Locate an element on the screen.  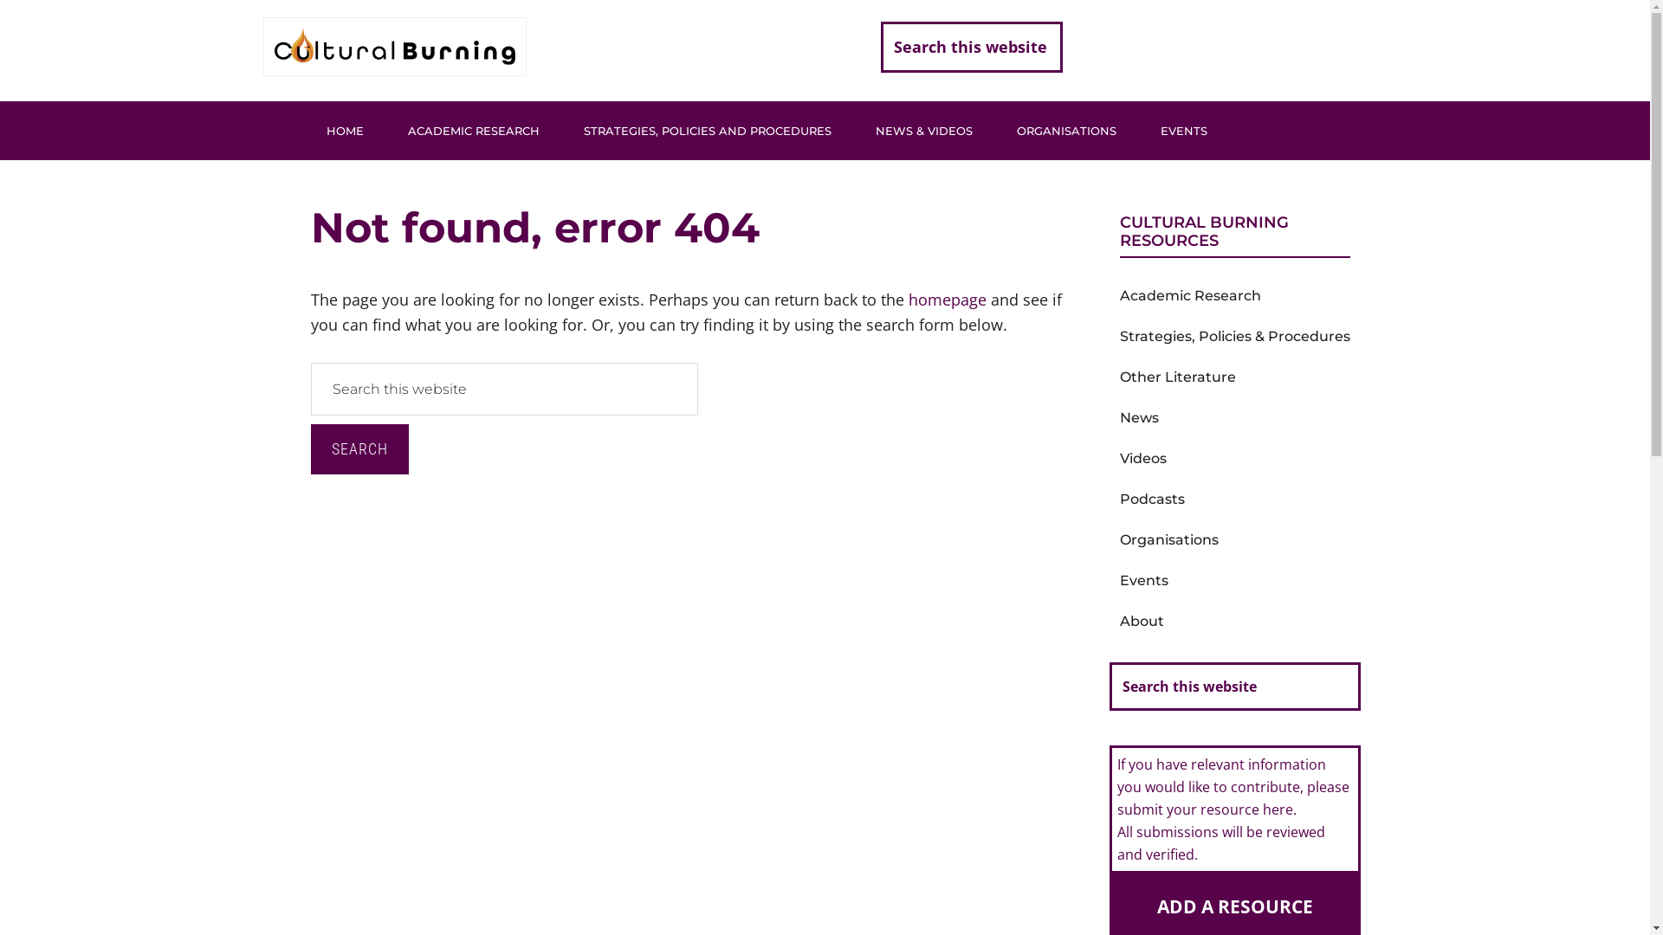
'Podcasts' is located at coordinates (1151, 499).